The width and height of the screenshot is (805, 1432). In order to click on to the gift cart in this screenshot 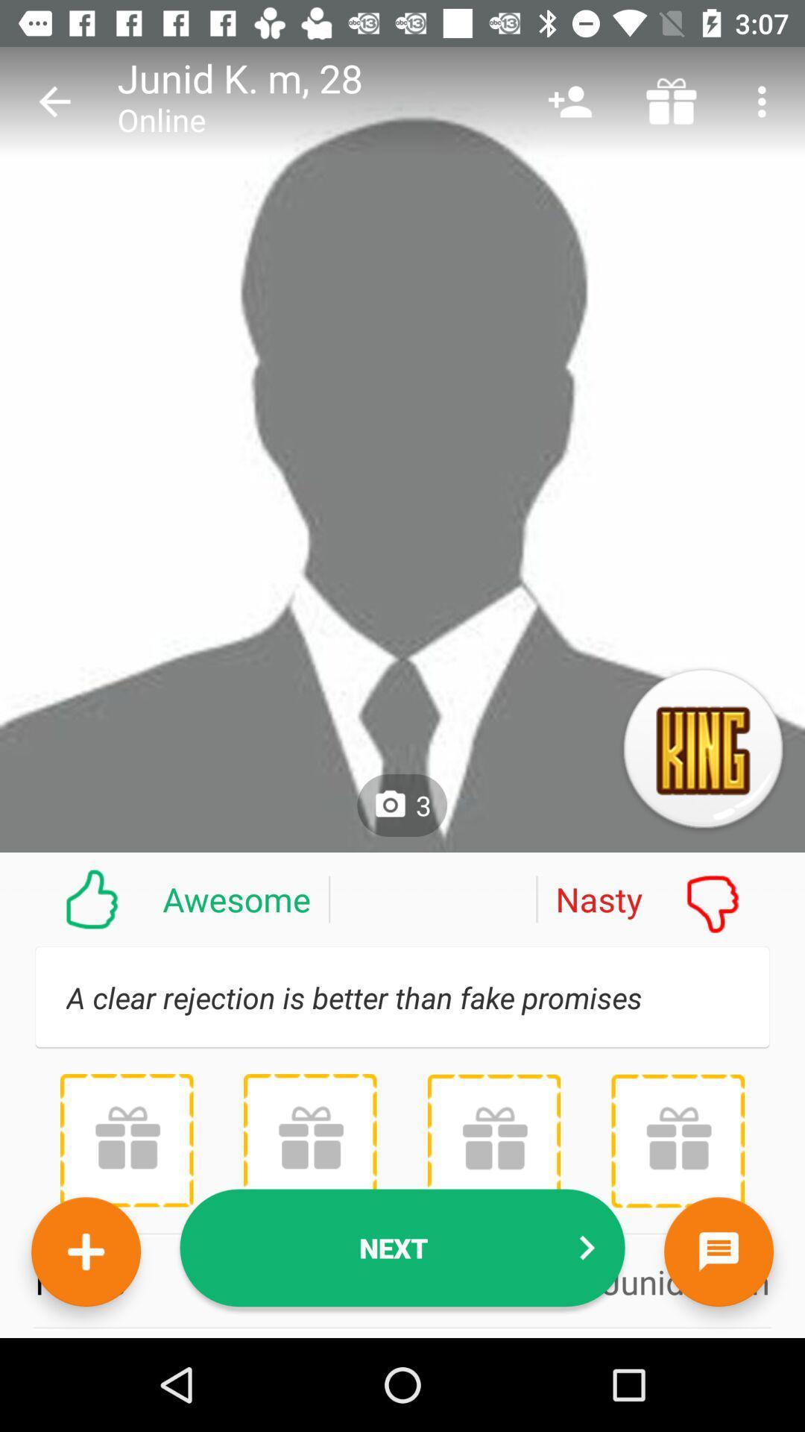, I will do `click(126, 1140)`.